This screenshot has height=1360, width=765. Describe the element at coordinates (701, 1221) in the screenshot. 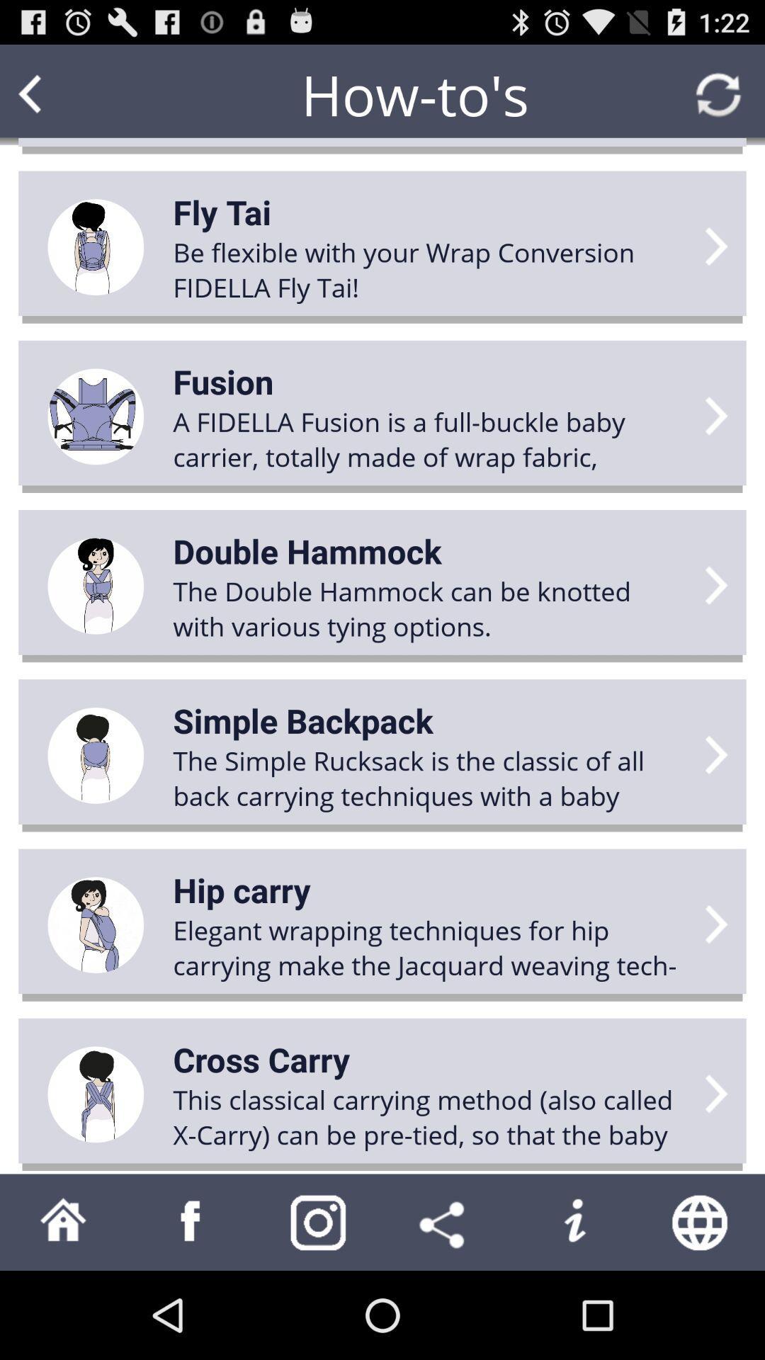

I see `search web` at that location.